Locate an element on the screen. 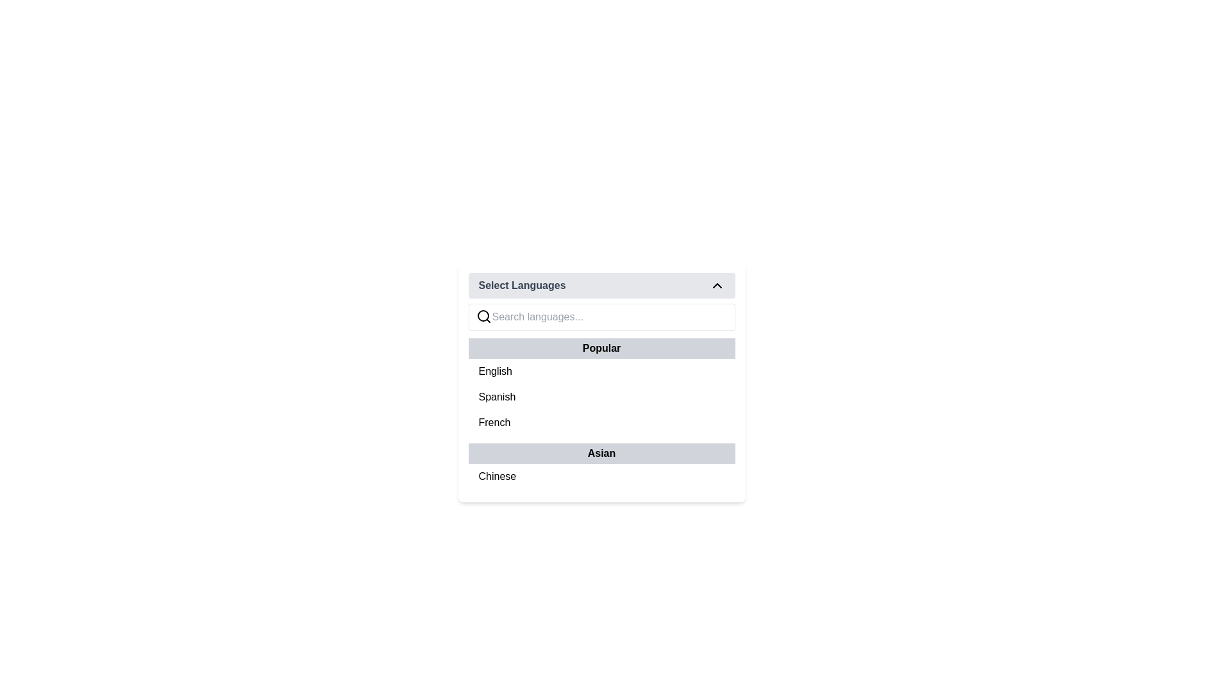 The width and height of the screenshot is (1231, 692). the 'Spanish' option in the dropdown language menu is located at coordinates (496, 397).